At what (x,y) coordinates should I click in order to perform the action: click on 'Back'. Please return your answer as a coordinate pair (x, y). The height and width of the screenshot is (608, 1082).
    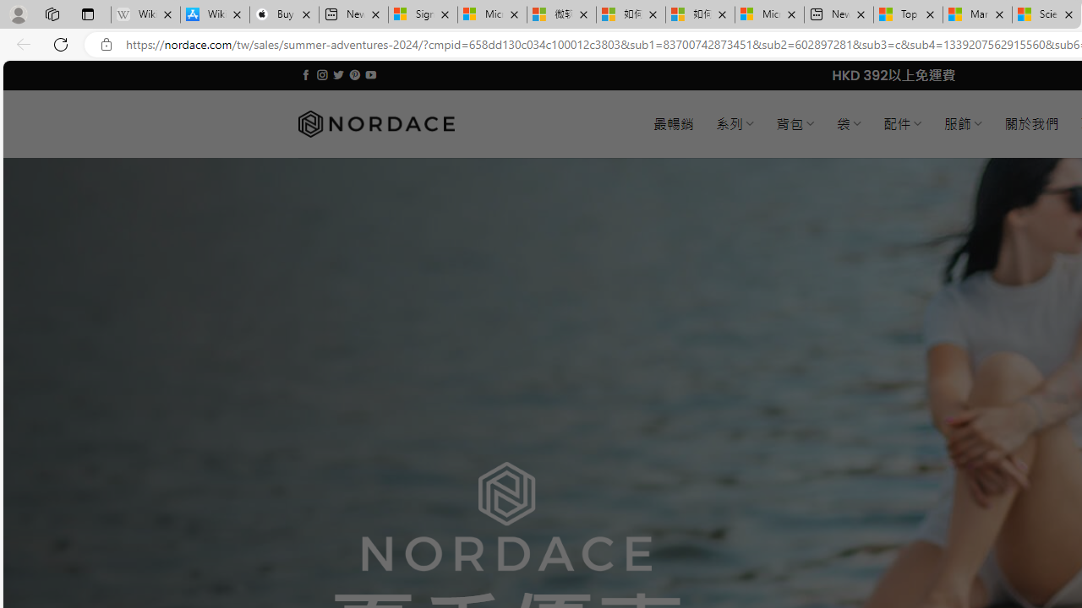
    Looking at the image, I should click on (20, 43).